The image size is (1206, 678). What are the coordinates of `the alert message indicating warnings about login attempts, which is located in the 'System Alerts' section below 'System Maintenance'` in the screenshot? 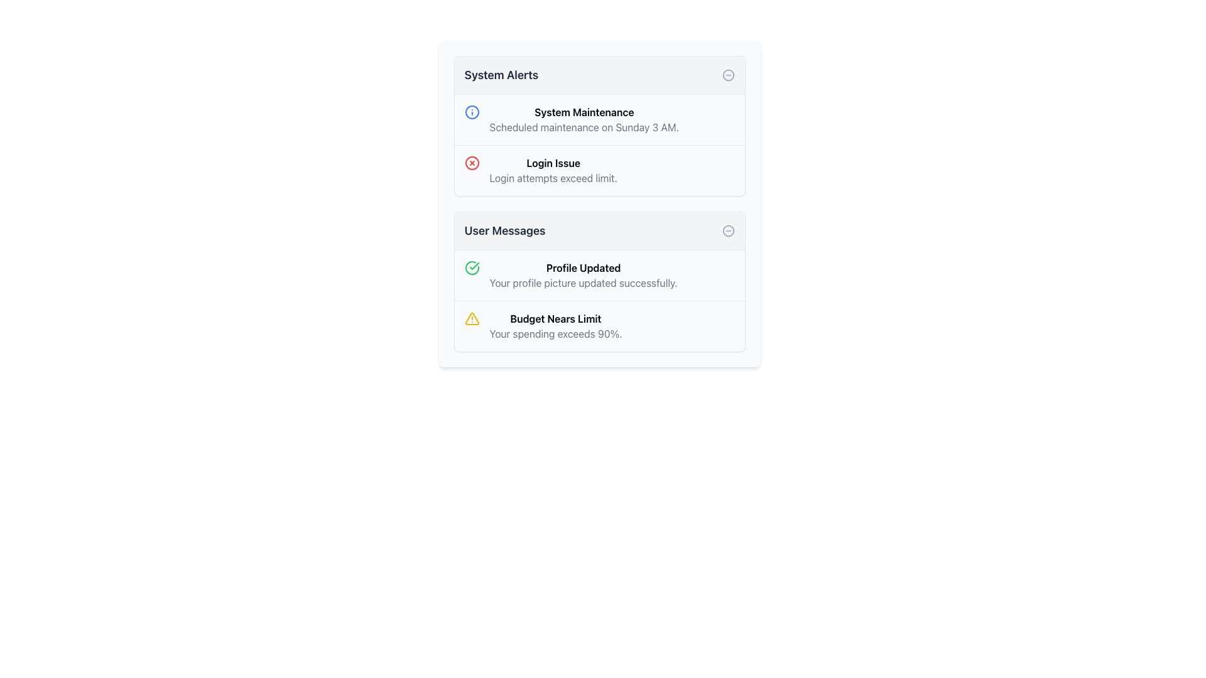 It's located at (599, 170).